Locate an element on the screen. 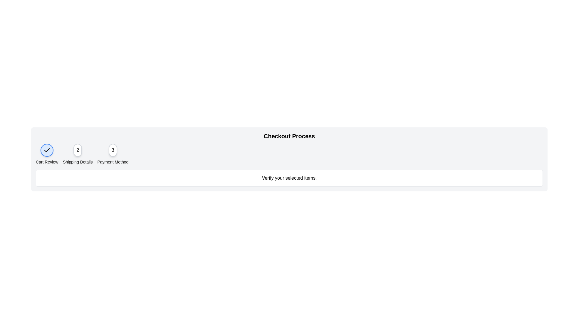  the step indicator button displaying the number '3' for the 'Payment Method' step is located at coordinates (113, 154).